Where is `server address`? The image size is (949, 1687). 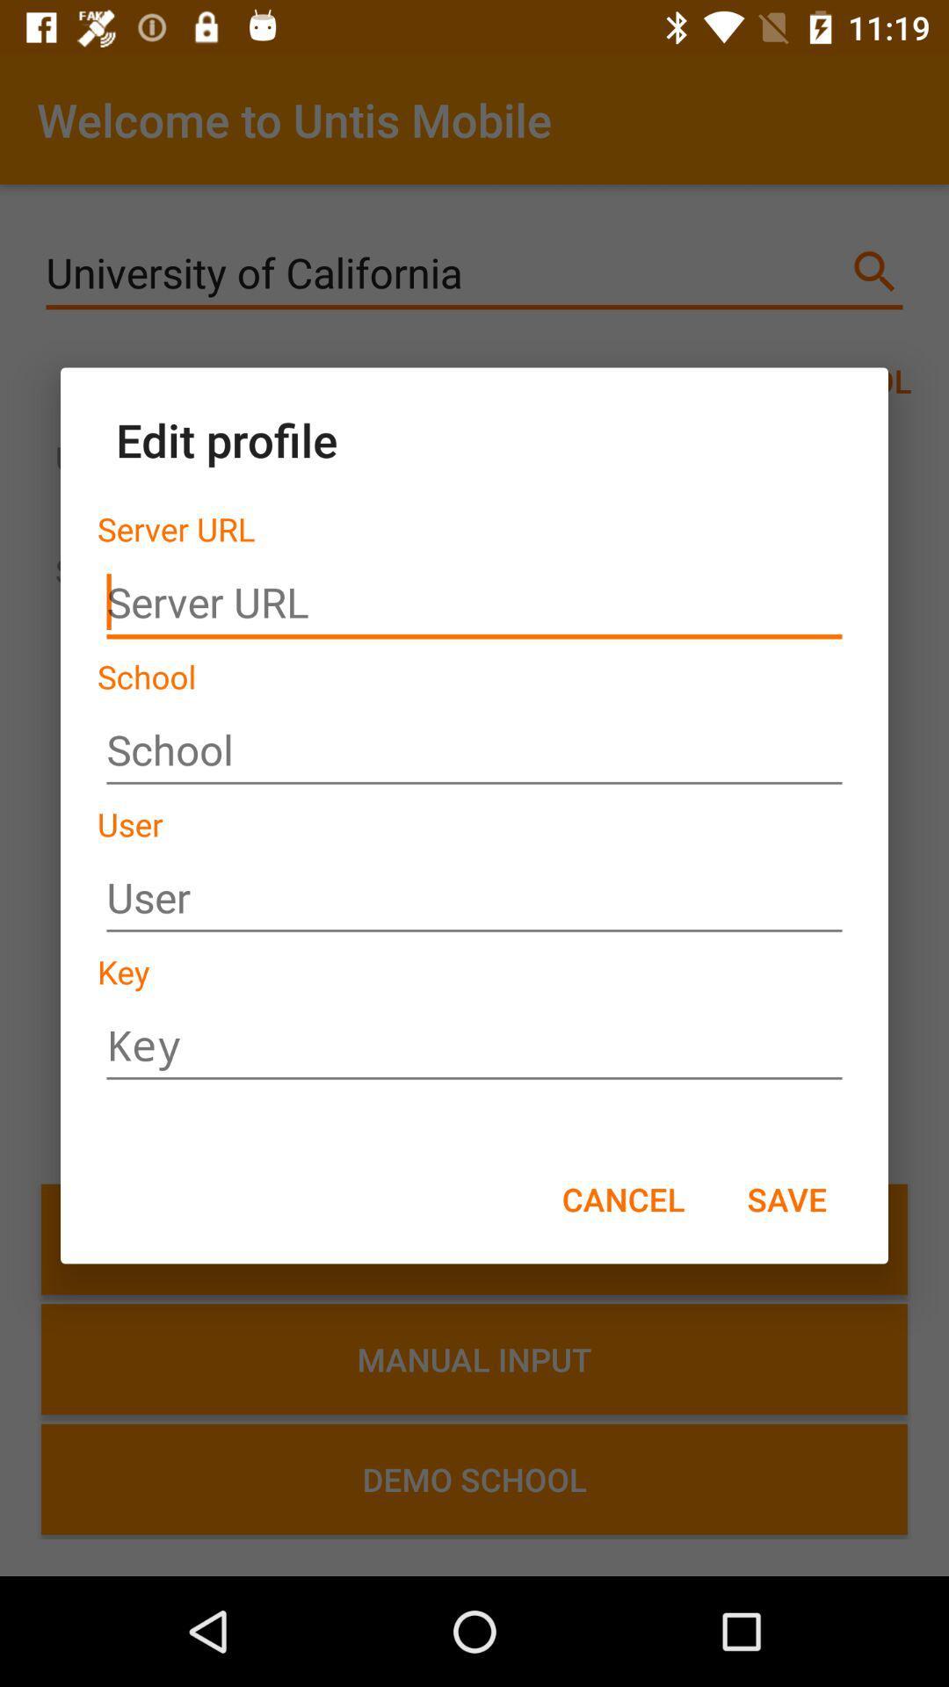
server address is located at coordinates (474, 603).